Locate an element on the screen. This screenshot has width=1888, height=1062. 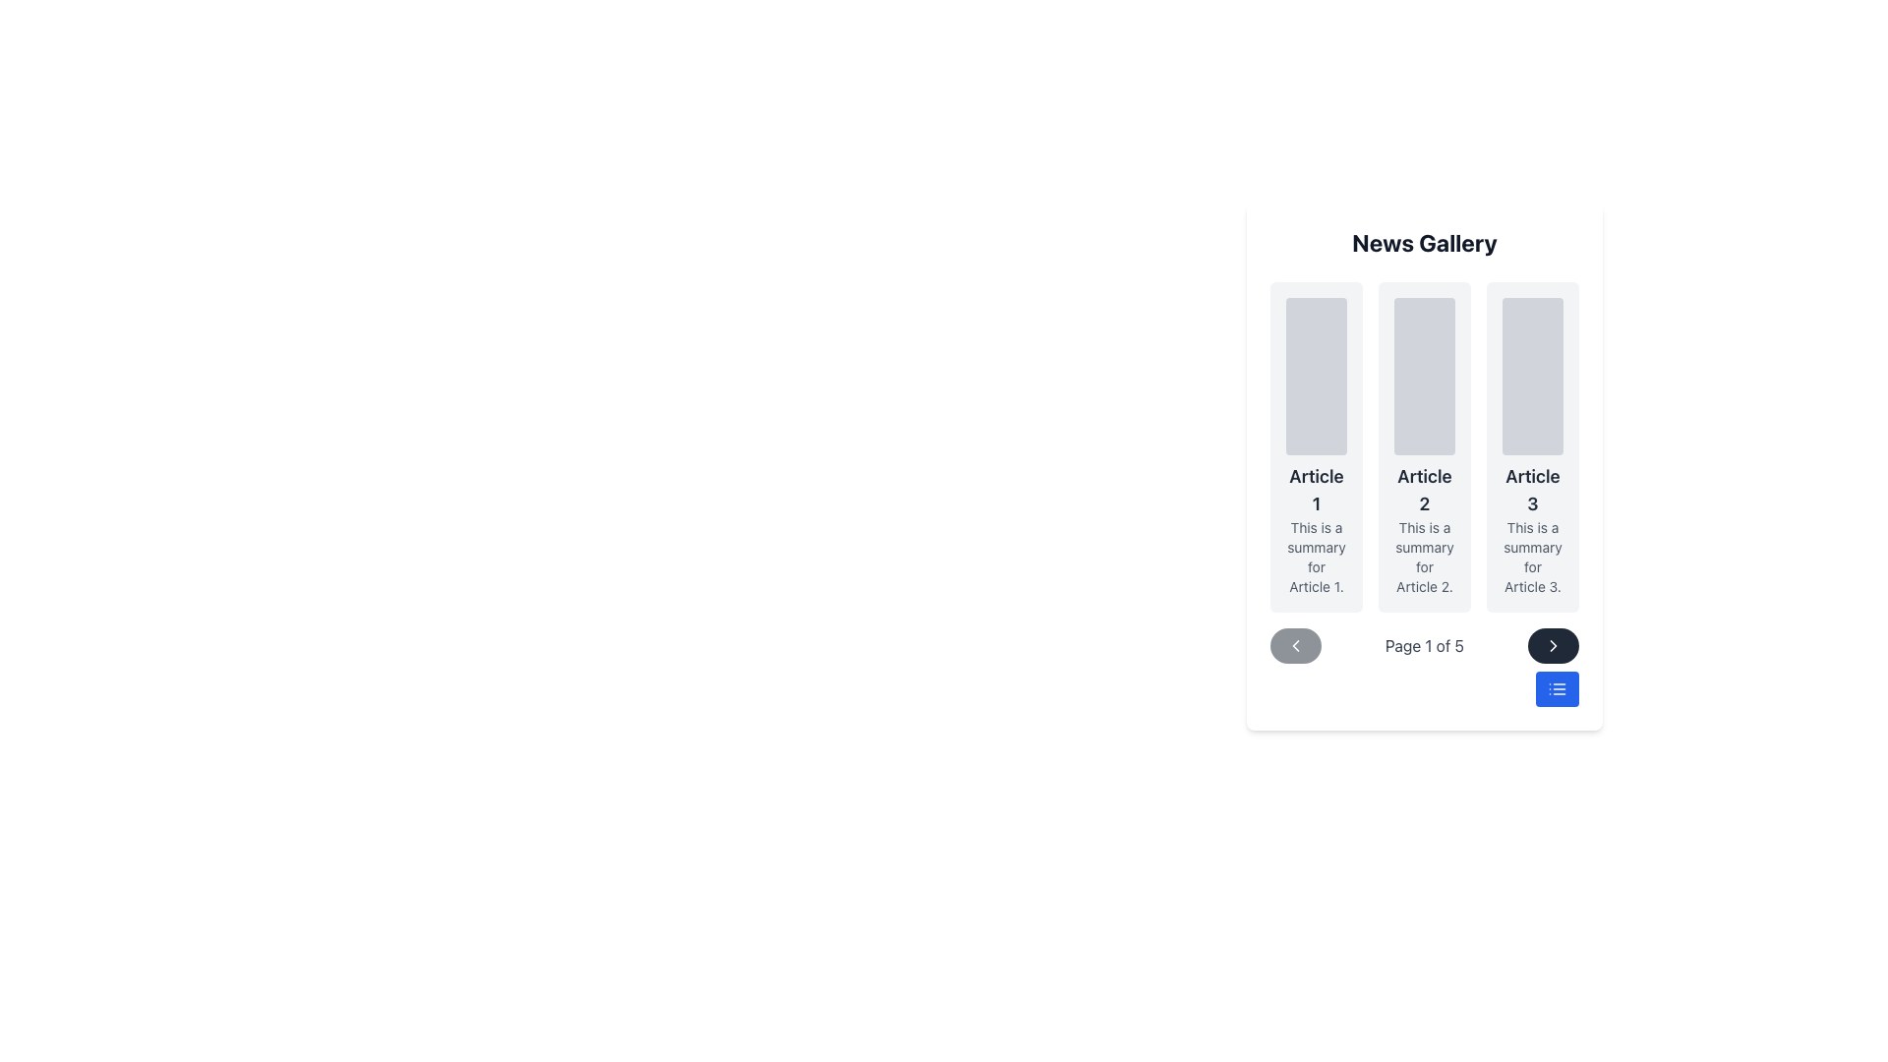
the rectangular button with a blue background and white list view icon located in the bottom-right corner of the interface is located at coordinates (1557, 688).